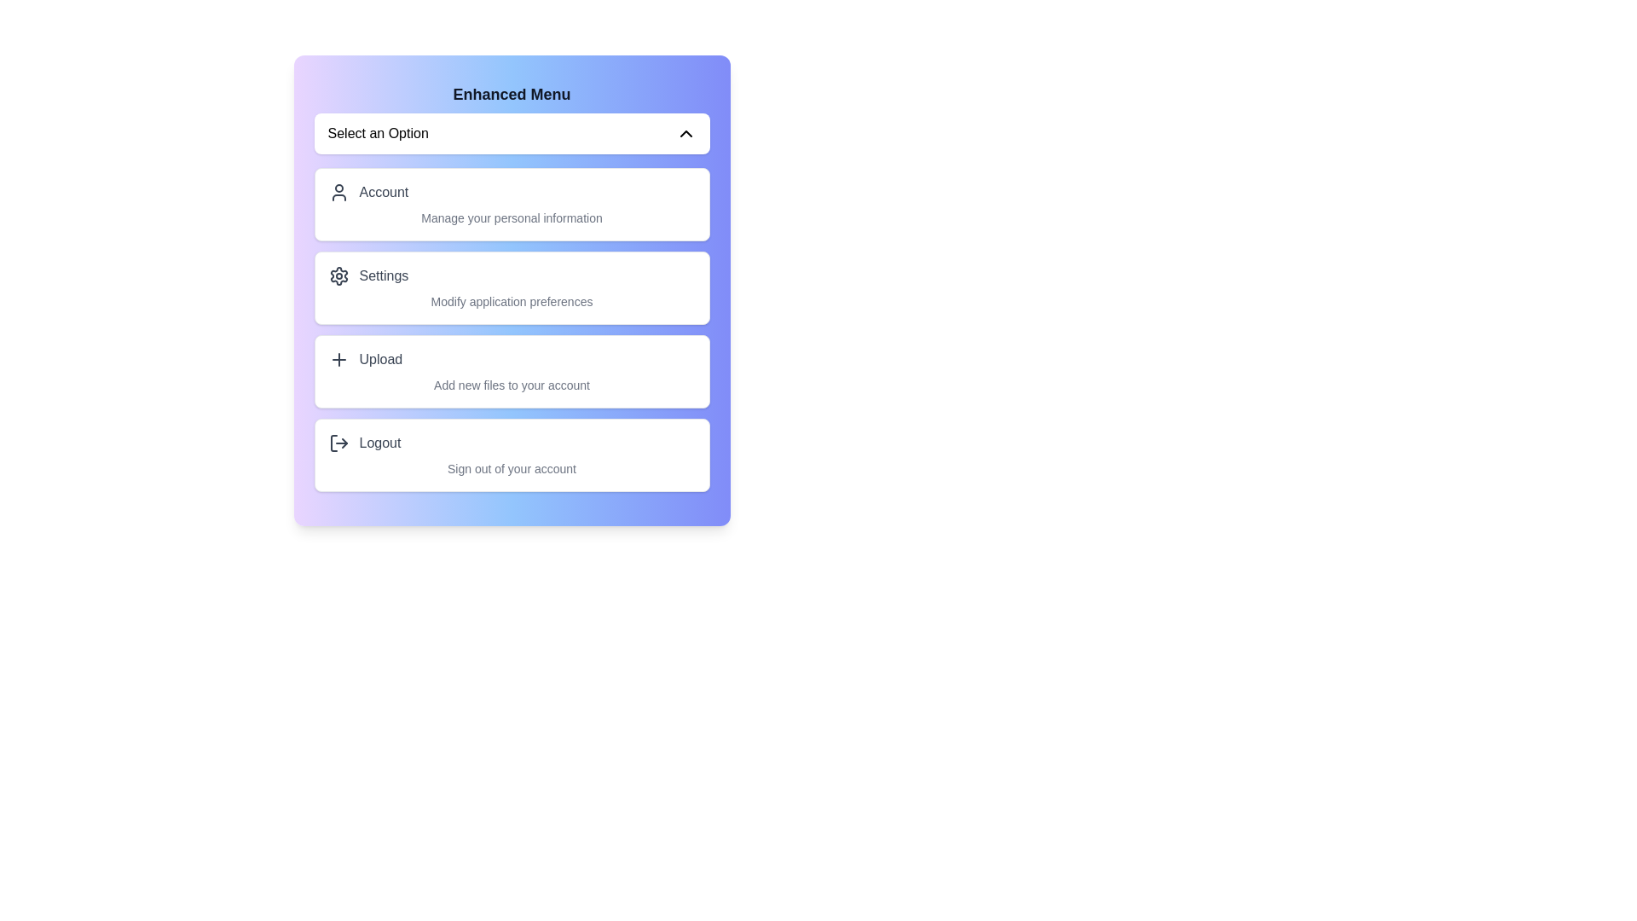 The height and width of the screenshot is (921, 1637). What do you see at coordinates (511, 133) in the screenshot?
I see `the dropdown toggle button to toggle the menu visibility` at bounding box center [511, 133].